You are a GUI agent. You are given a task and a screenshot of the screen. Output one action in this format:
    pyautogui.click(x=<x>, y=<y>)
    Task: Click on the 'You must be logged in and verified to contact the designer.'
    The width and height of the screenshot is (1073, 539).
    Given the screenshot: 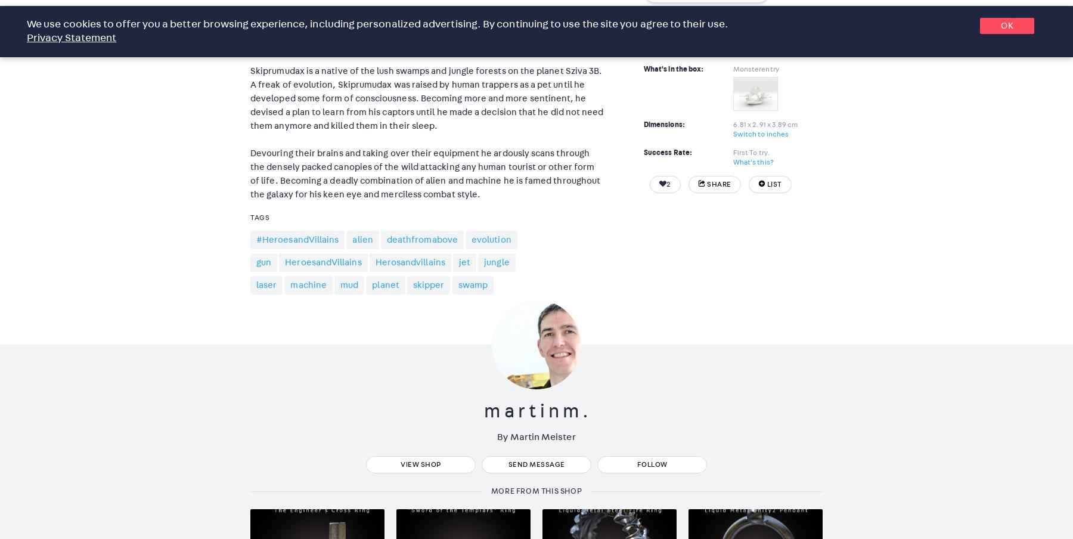 What is the action you would take?
    pyautogui.click(x=724, y=14)
    